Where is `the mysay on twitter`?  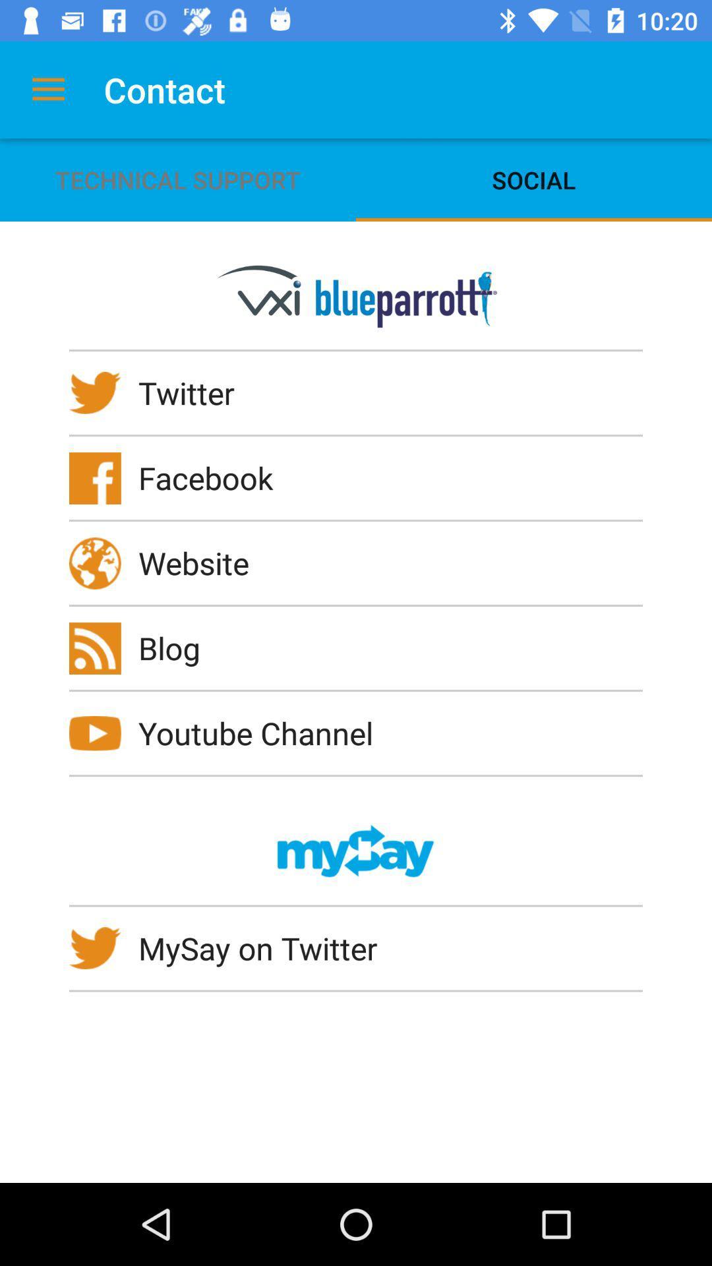 the mysay on twitter is located at coordinates (266, 948).